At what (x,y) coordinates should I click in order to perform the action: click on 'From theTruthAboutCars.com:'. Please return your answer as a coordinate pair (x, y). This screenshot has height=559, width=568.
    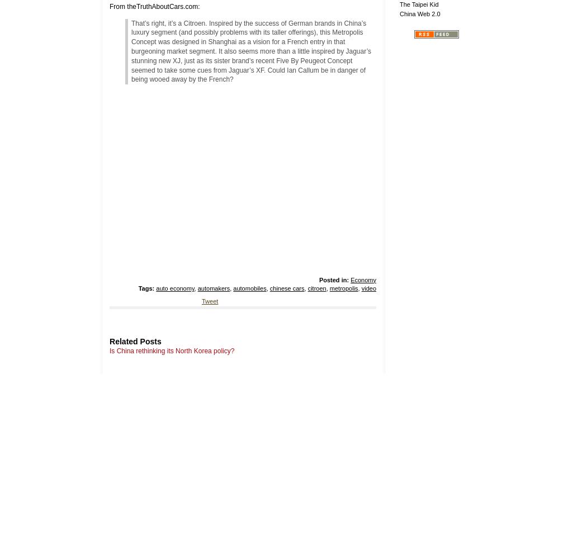
    Looking at the image, I should click on (154, 6).